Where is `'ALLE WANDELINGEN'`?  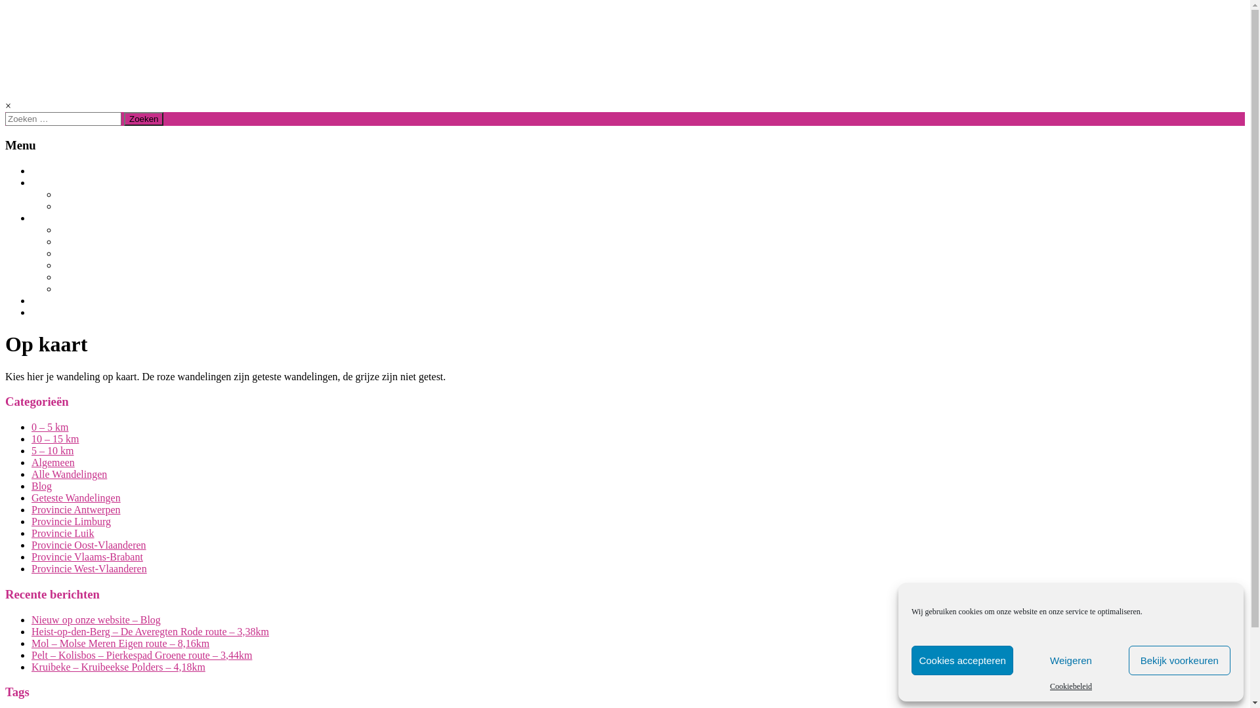
'ALLE WANDELINGEN' is located at coordinates (103, 195).